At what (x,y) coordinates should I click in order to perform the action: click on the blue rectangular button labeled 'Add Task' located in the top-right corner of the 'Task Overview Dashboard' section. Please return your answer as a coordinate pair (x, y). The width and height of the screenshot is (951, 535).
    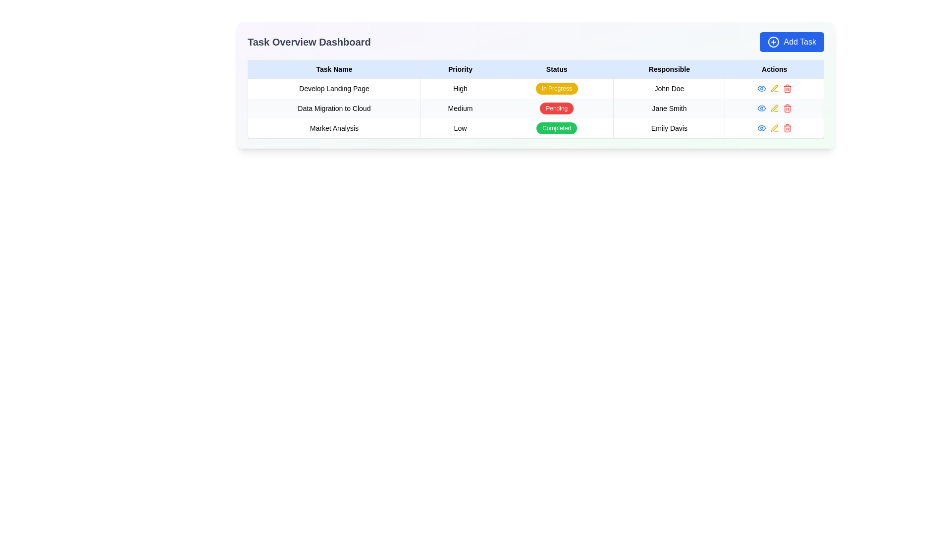
    Looking at the image, I should click on (791, 41).